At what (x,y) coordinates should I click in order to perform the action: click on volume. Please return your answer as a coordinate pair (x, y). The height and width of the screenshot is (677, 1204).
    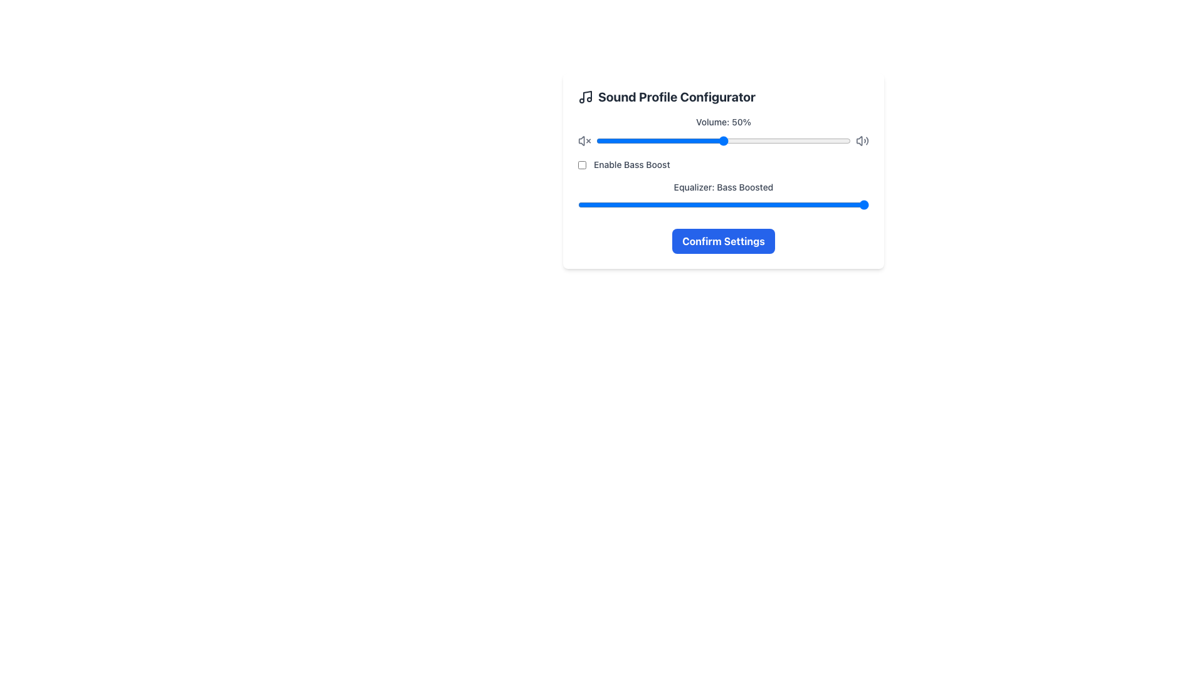
    Looking at the image, I should click on (662, 140).